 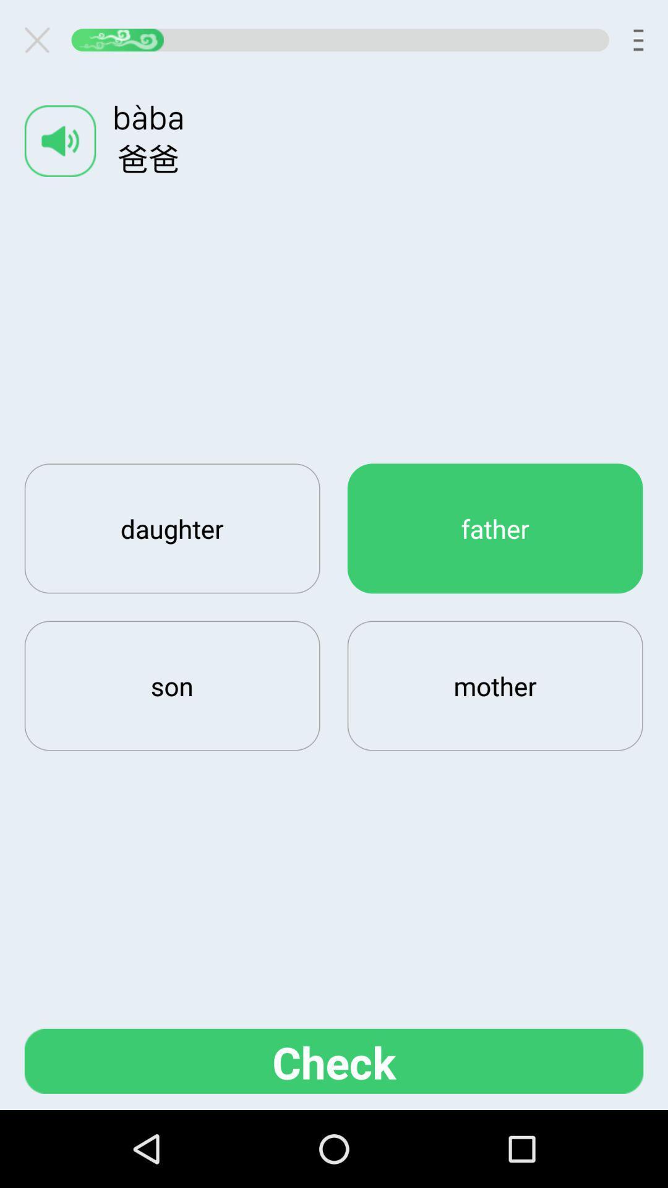 I want to click on hear pronunciation, so click(x=60, y=140).